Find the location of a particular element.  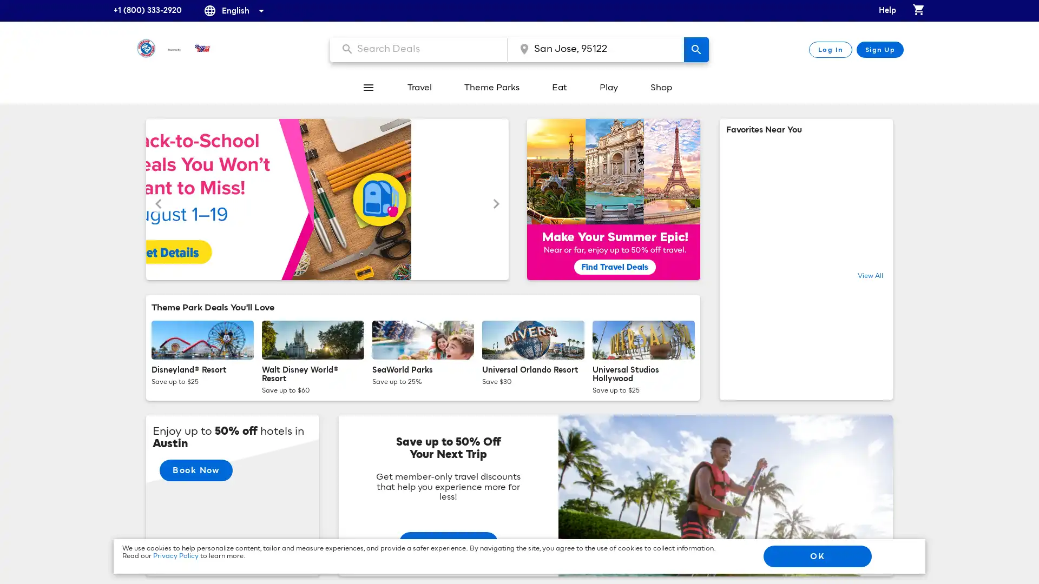

search is located at coordinates (696, 49).